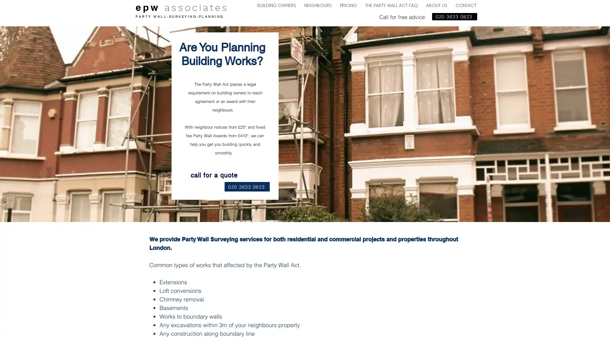 The image size is (610, 343). Describe the element at coordinates (602, 333) in the screenshot. I see `Close` at that location.